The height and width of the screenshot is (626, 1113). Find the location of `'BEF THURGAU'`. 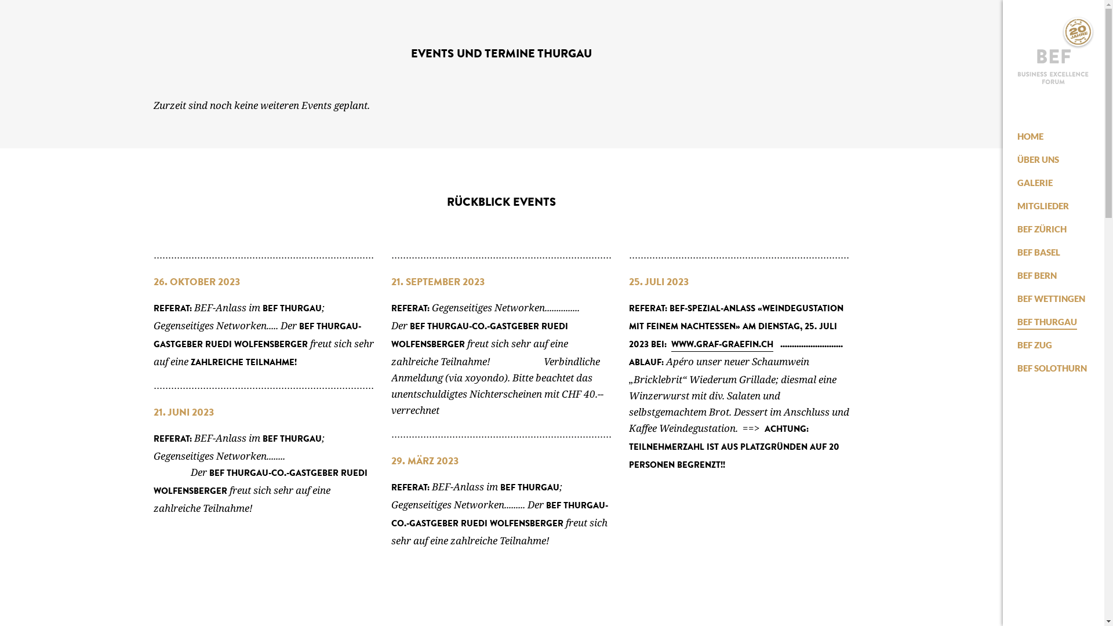

'BEF THURGAU' is located at coordinates (1017, 322).